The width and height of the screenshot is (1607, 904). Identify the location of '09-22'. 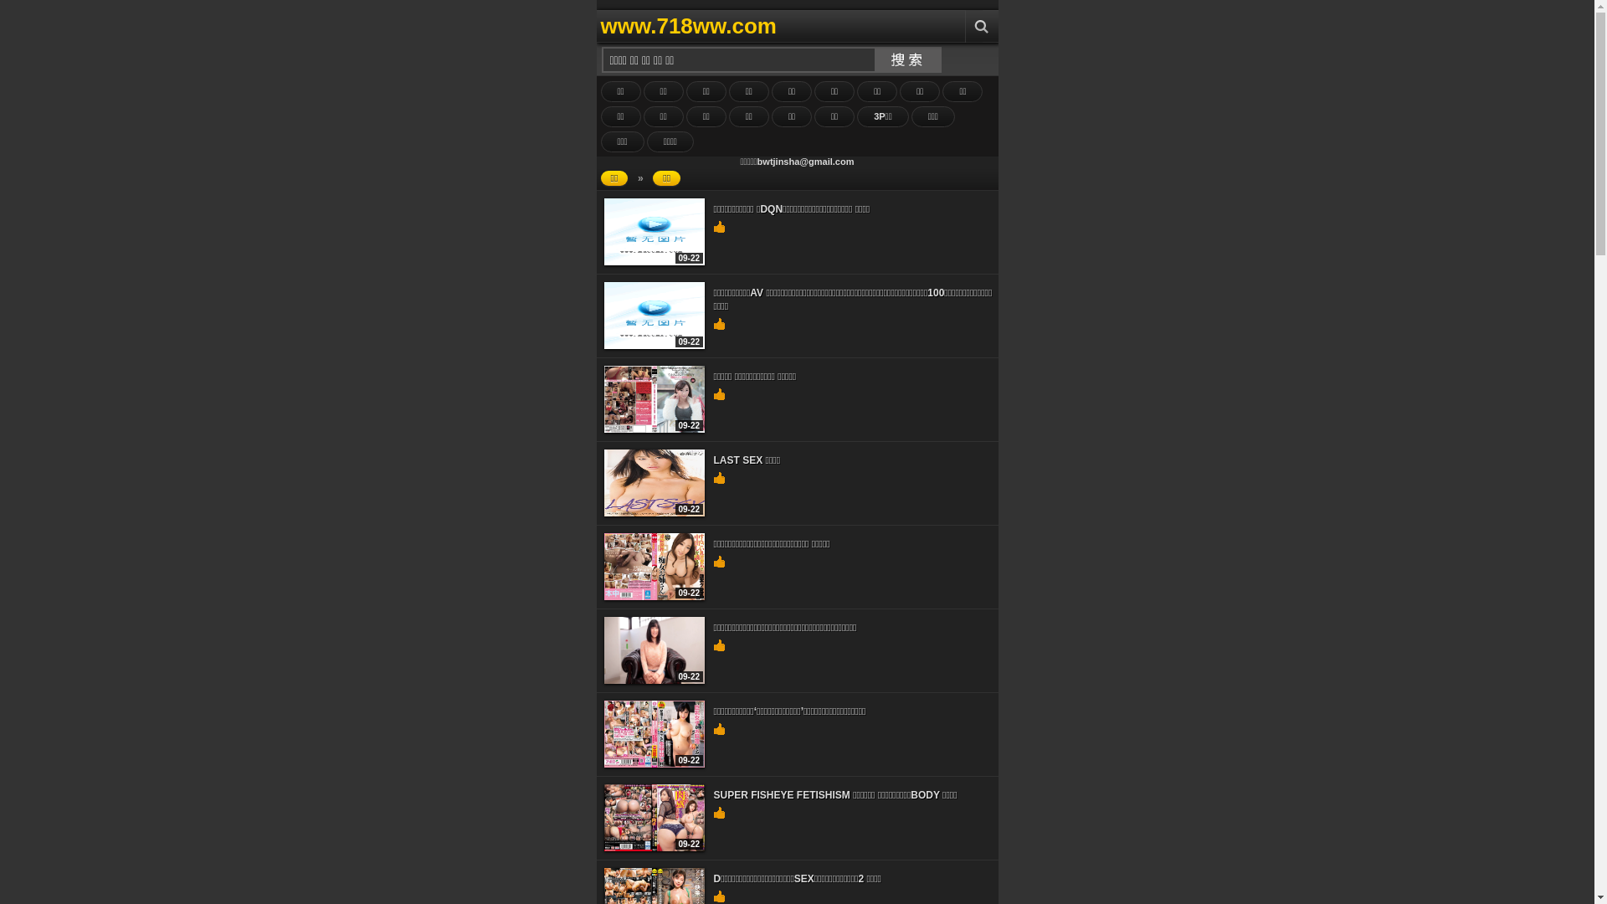
(654, 681).